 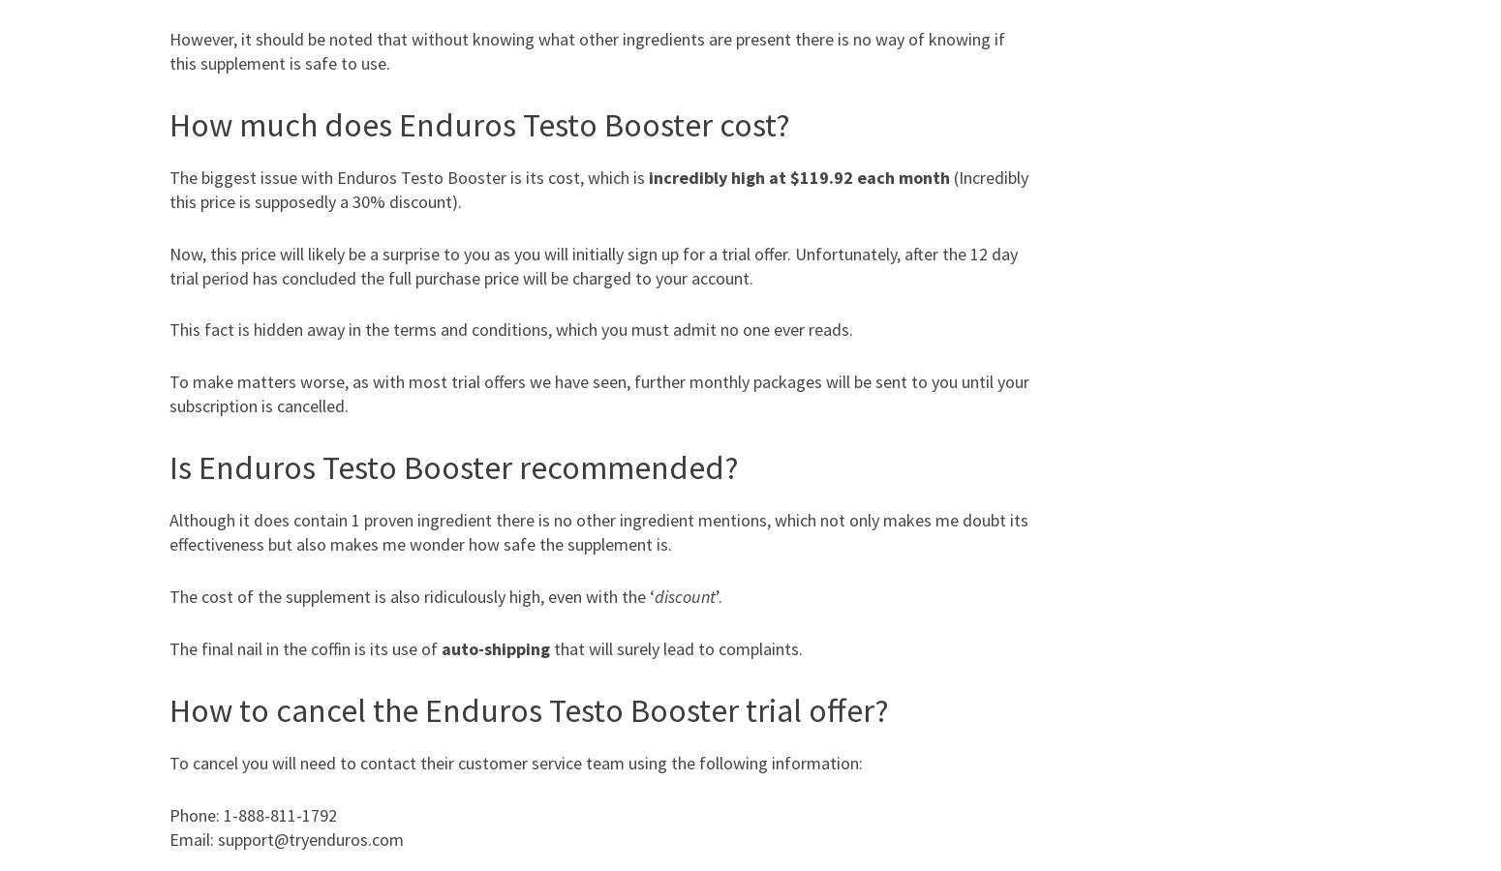 What do you see at coordinates (1255, 98) in the screenshot?
I see `'Viktoria Kay'` at bounding box center [1255, 98].